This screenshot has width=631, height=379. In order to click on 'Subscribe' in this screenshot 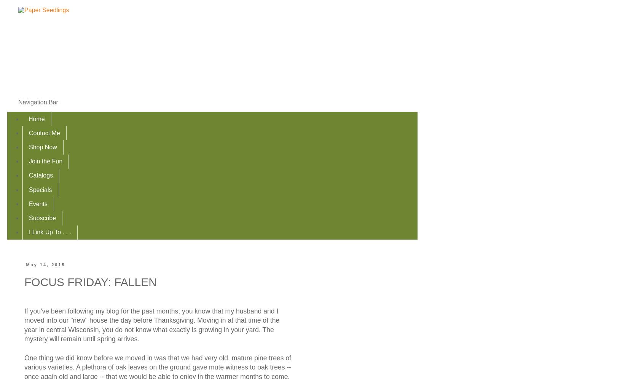, I will do `click(42, 217)`.